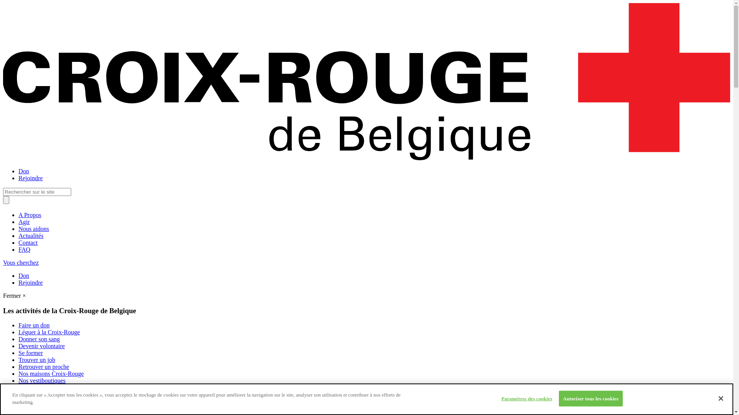 The width and height of the screenshot is (739, 415). I want to click on 'Autoriser tous les cookies', so click(590, 398).